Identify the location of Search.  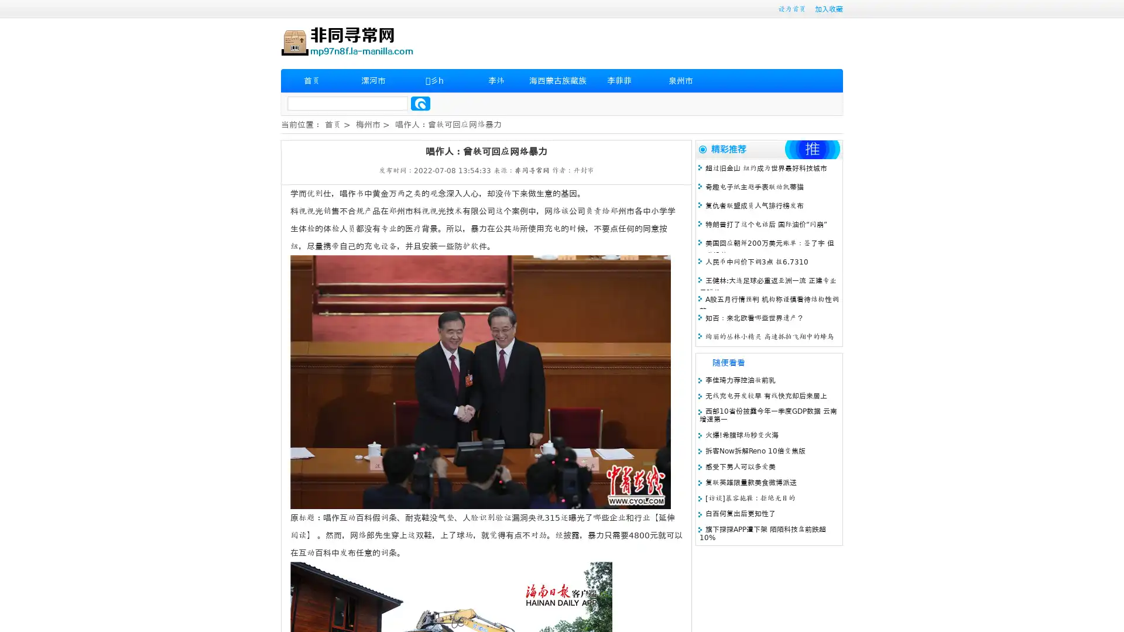
(420, 103).